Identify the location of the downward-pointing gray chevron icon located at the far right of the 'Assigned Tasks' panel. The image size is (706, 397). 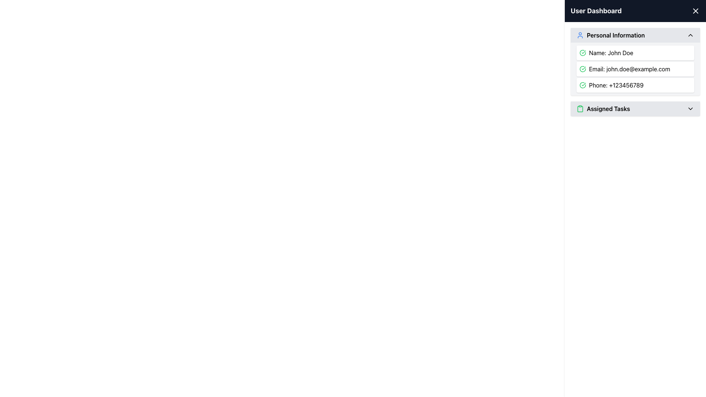
(690, 109).